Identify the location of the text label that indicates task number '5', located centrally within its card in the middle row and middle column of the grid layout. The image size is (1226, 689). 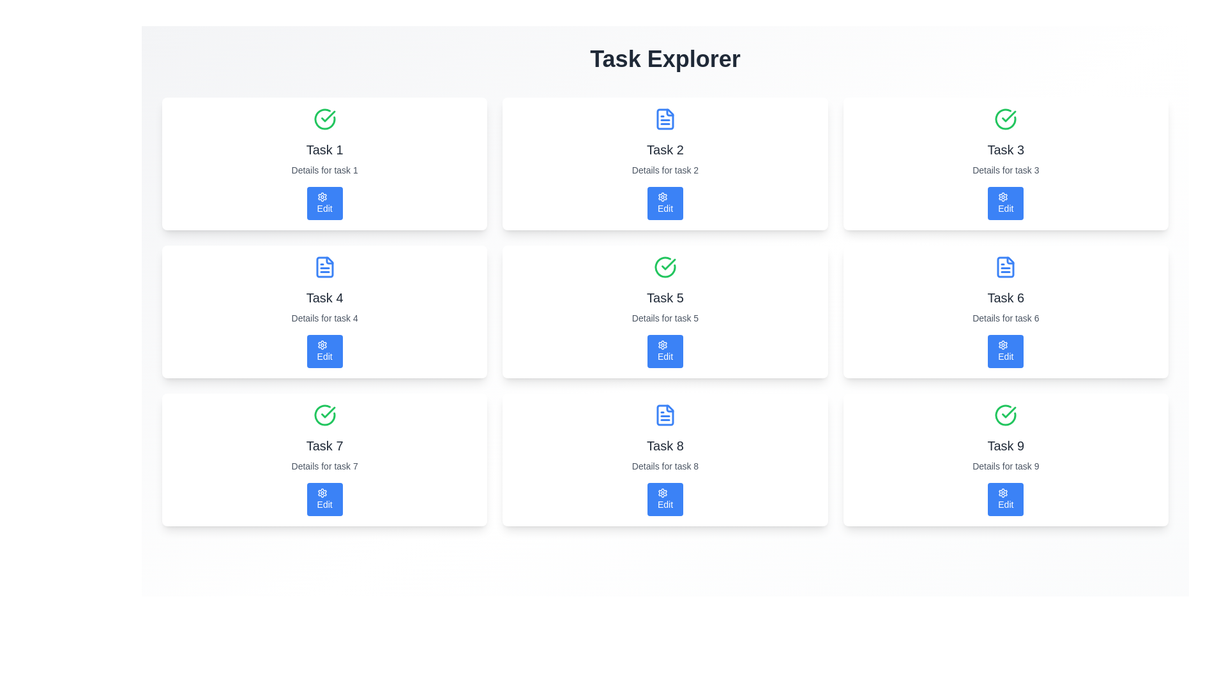
(664, 297).